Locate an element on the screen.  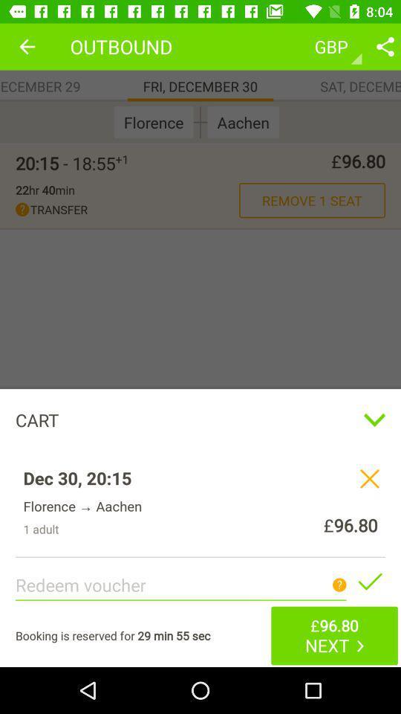
the close icon is located at coordinates (368, 477).